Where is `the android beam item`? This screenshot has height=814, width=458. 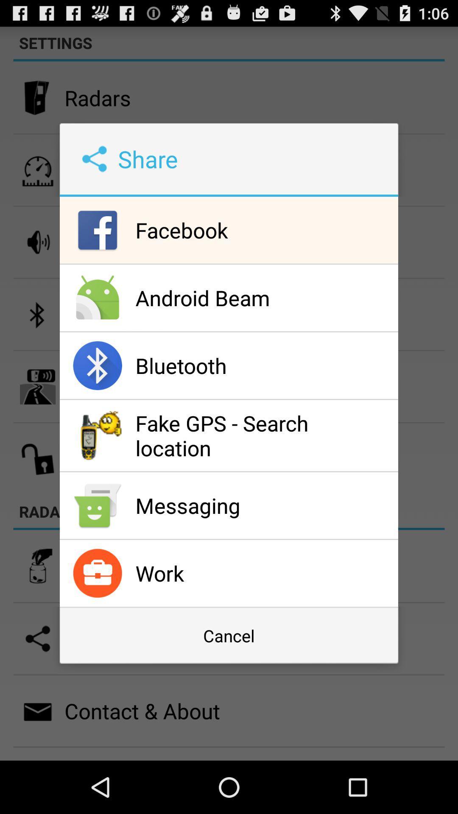
the android beam item is located at coordinates (264, 298).